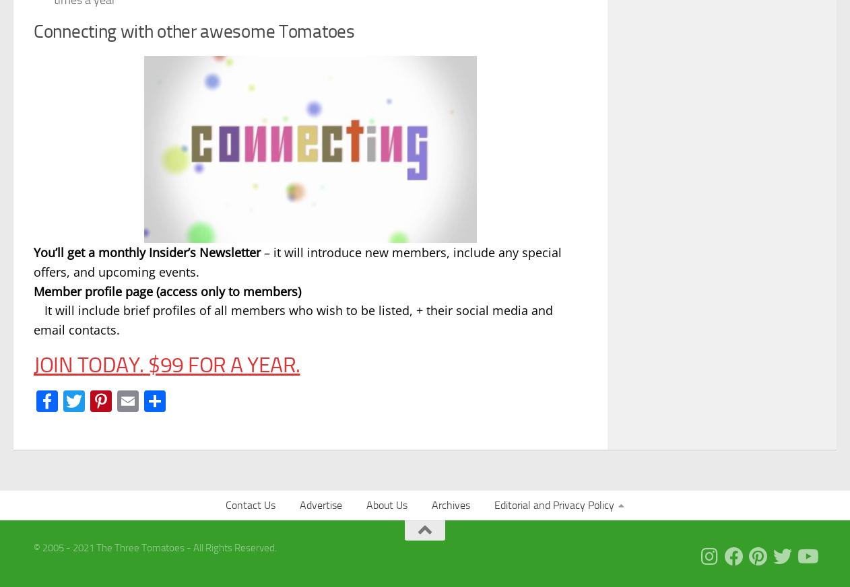 This screenshot has width=850, height=587. Describe the element at coordinates (293, 319) in the screenshot. I see `'    It will include brief profiles of all members who wish to be listed, + their social media and email contacts.'` at that location.